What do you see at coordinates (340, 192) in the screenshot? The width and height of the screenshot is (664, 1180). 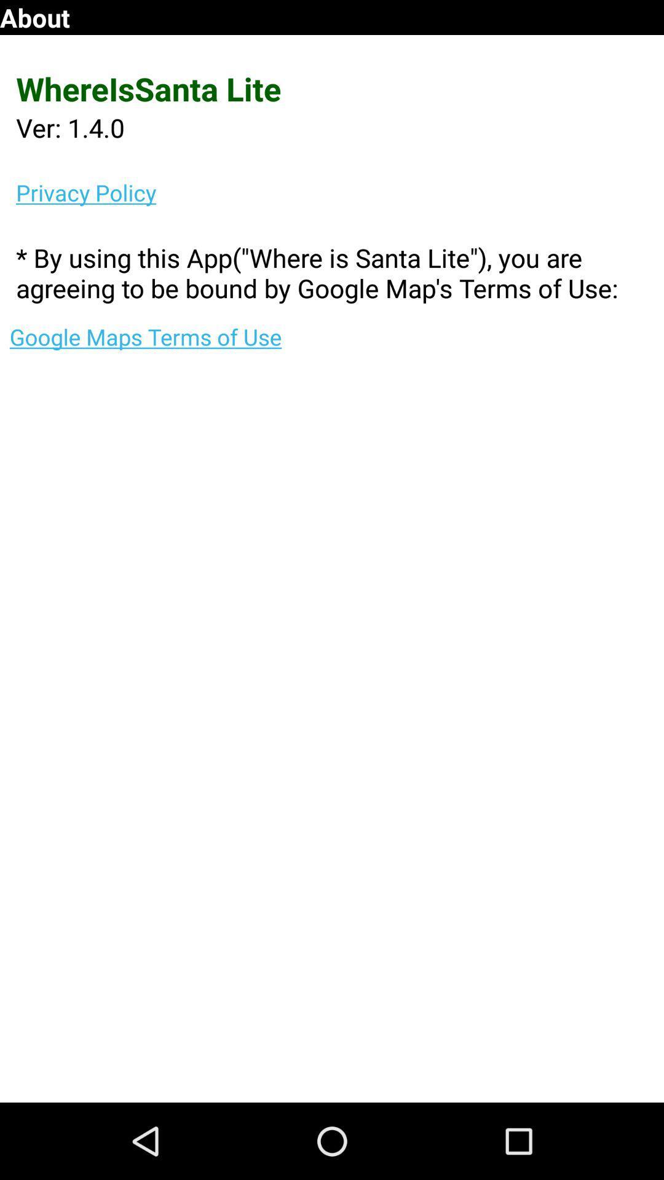 I see `the icon above the by using this item` at bounding box center [340, 192].